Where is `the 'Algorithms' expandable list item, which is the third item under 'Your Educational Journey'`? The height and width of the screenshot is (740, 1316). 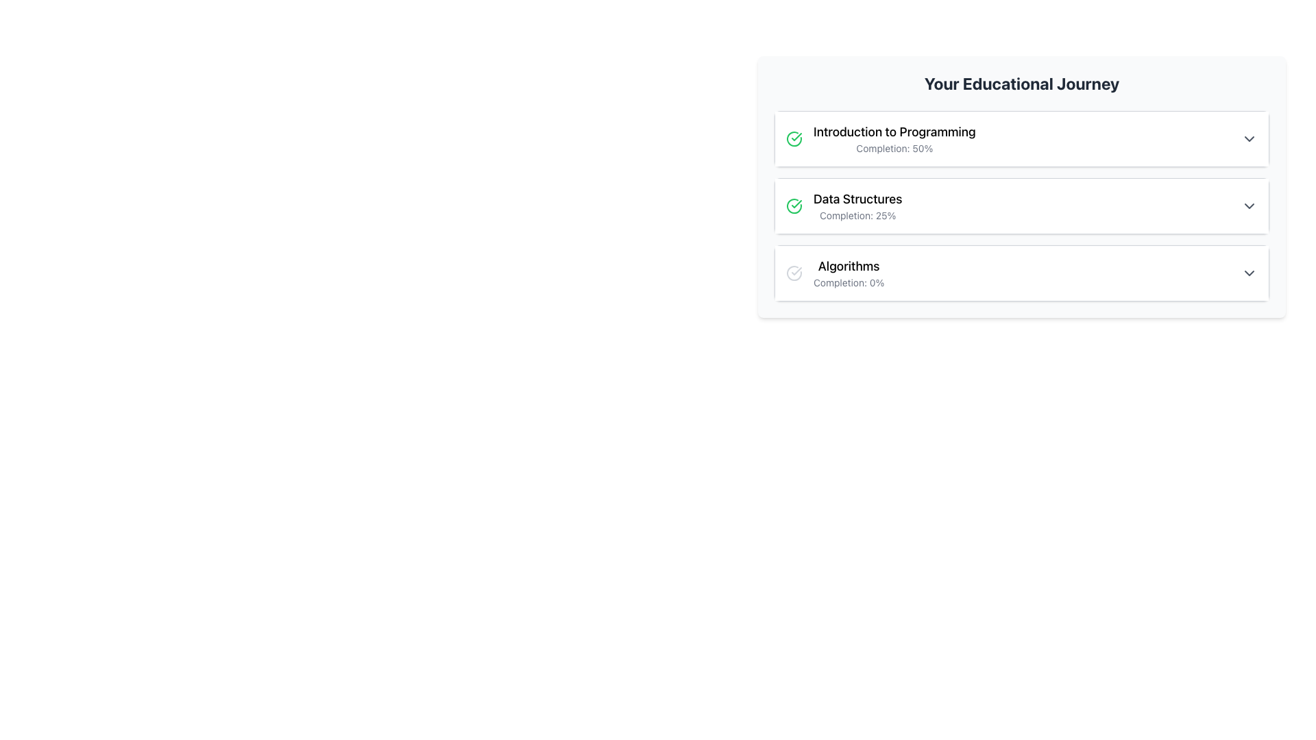
the 'Algorithms' expandable list item, which is the third item under 'Your Educational Journey' is located at coordinates (1022, 273).